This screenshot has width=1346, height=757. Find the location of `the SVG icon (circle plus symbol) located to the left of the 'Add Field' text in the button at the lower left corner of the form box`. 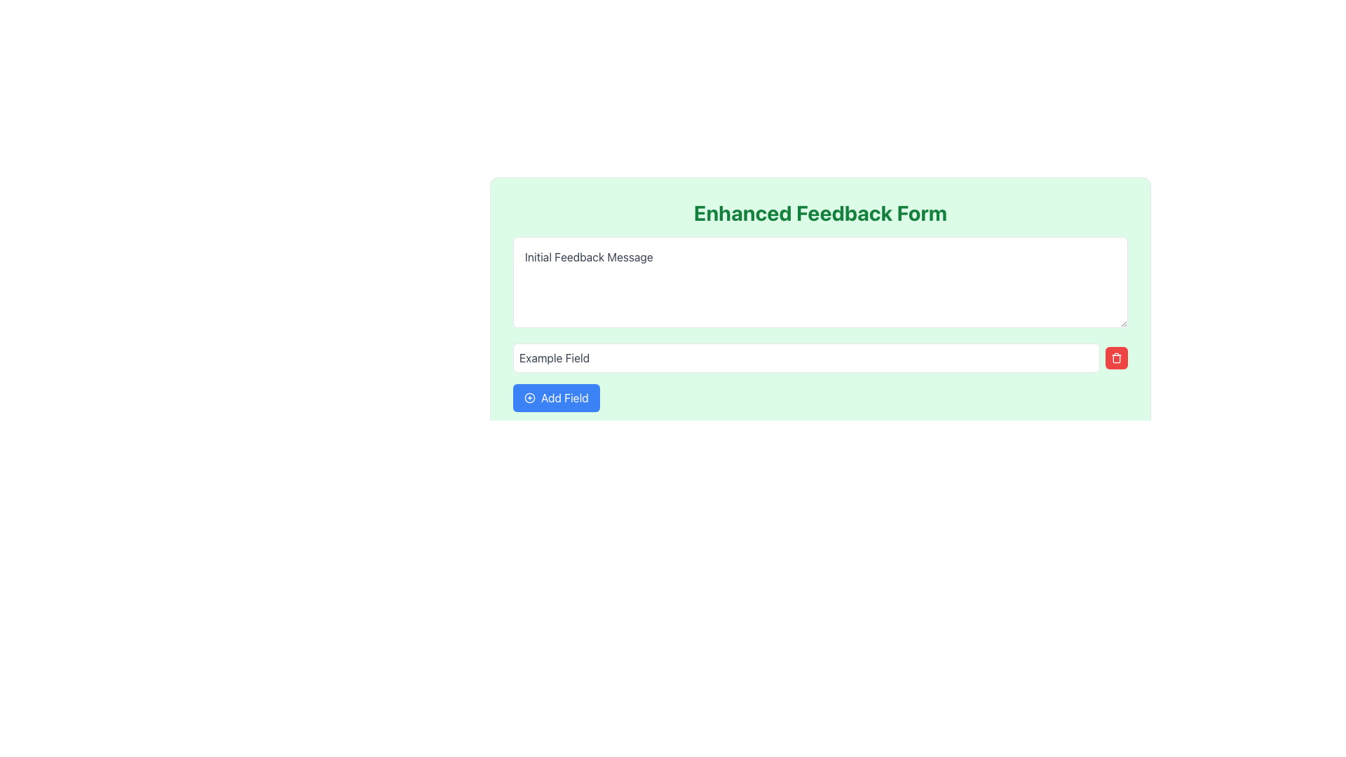

the SVG icon (circle plus symbol) located to the left of the 'Add Field' text in the button at the lower left corner of the form box is located at coordinates (529, 397).